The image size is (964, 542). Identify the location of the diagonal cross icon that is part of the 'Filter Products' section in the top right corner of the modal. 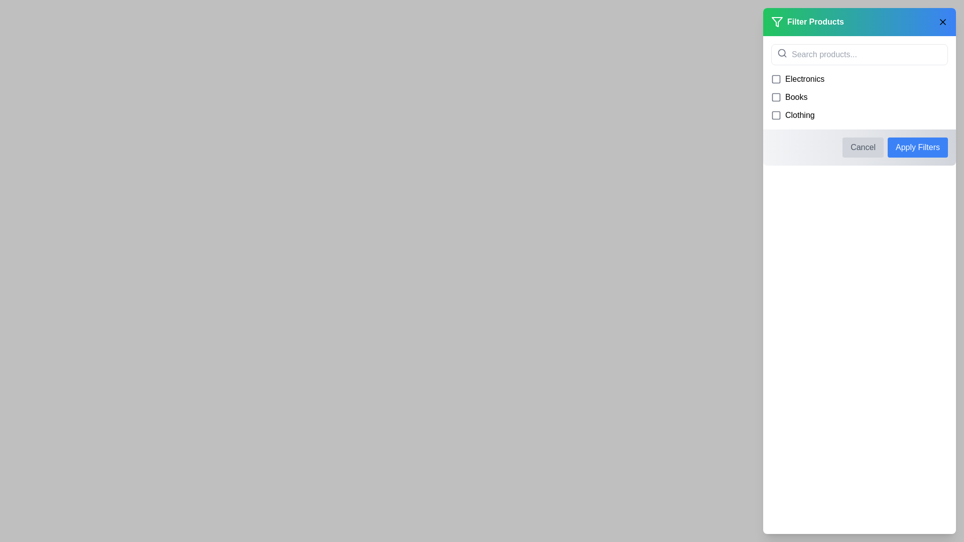
(942, 22).